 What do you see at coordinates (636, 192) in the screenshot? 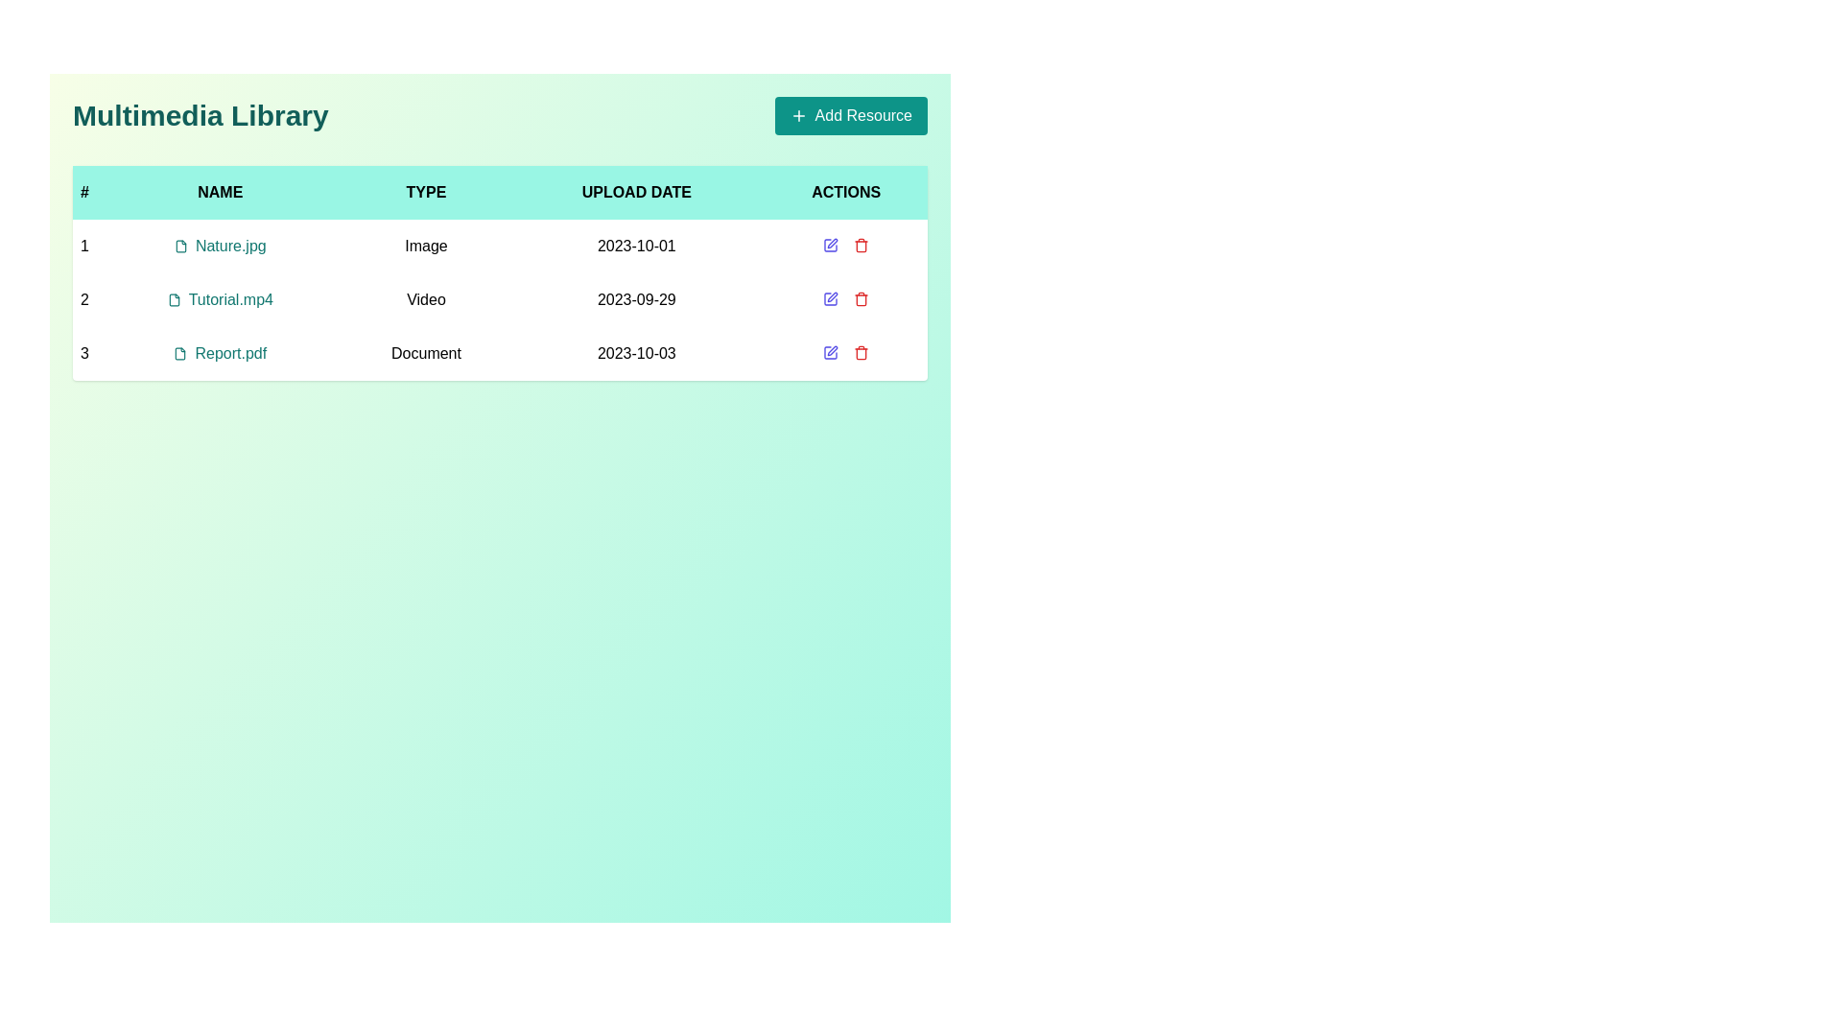
I see `the fourth header in the table that indicates the dates of upload for the items, positioned between 'Type' and 'Actions'` at bounding box center [636, 192].